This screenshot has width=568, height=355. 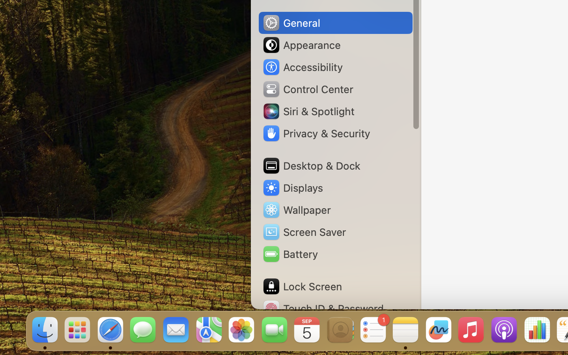 What do you see at coordinates (301, 45) in the screenshot?
I see `'Appearance'` at bounding box center [301, 45].